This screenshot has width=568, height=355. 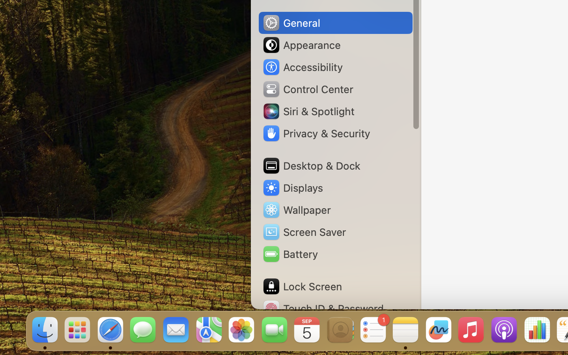 What do you see at coordinates (301, 45) in the screenshot?
I see `'Appearance'` at bounding box center [301, 45].